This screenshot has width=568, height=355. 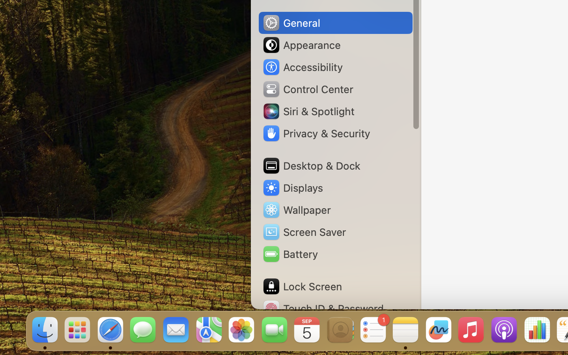 What do you see at coordinates (301, 45) in the screenshot?
I see `'Appearance'` at bounding box center [301, 45].